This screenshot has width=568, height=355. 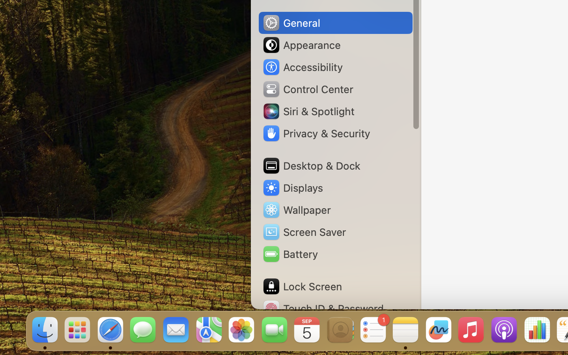 What do you see at coordinates (301, 45) in the screenshot?
I see `'Appearance'` at bounding box center [301, 45].